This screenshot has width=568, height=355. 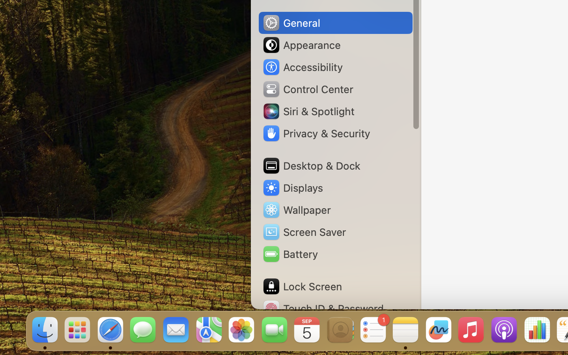 What do you see at coordinates (301, 45) in the screenshot?
I see `'Appearance'` at bounding box center [301, 45].